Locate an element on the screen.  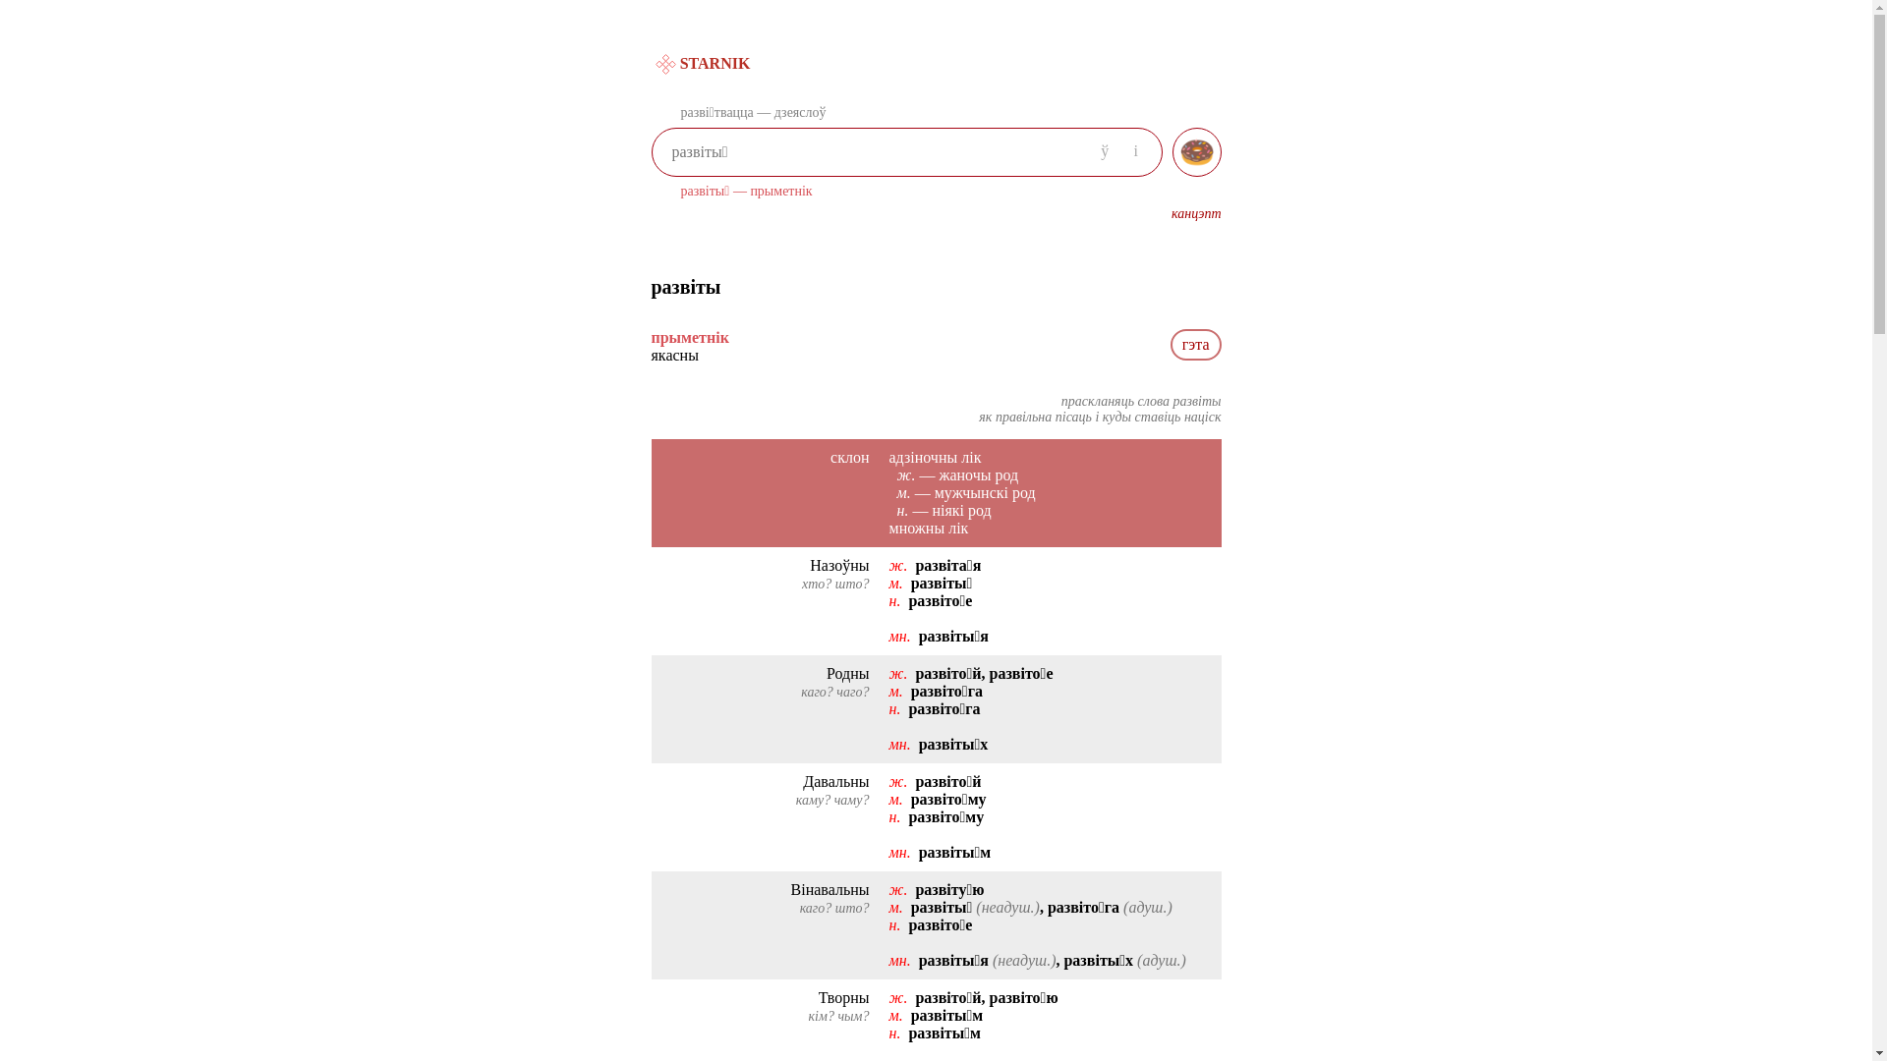
'STARNIK' is located at coordinates (651, 63).